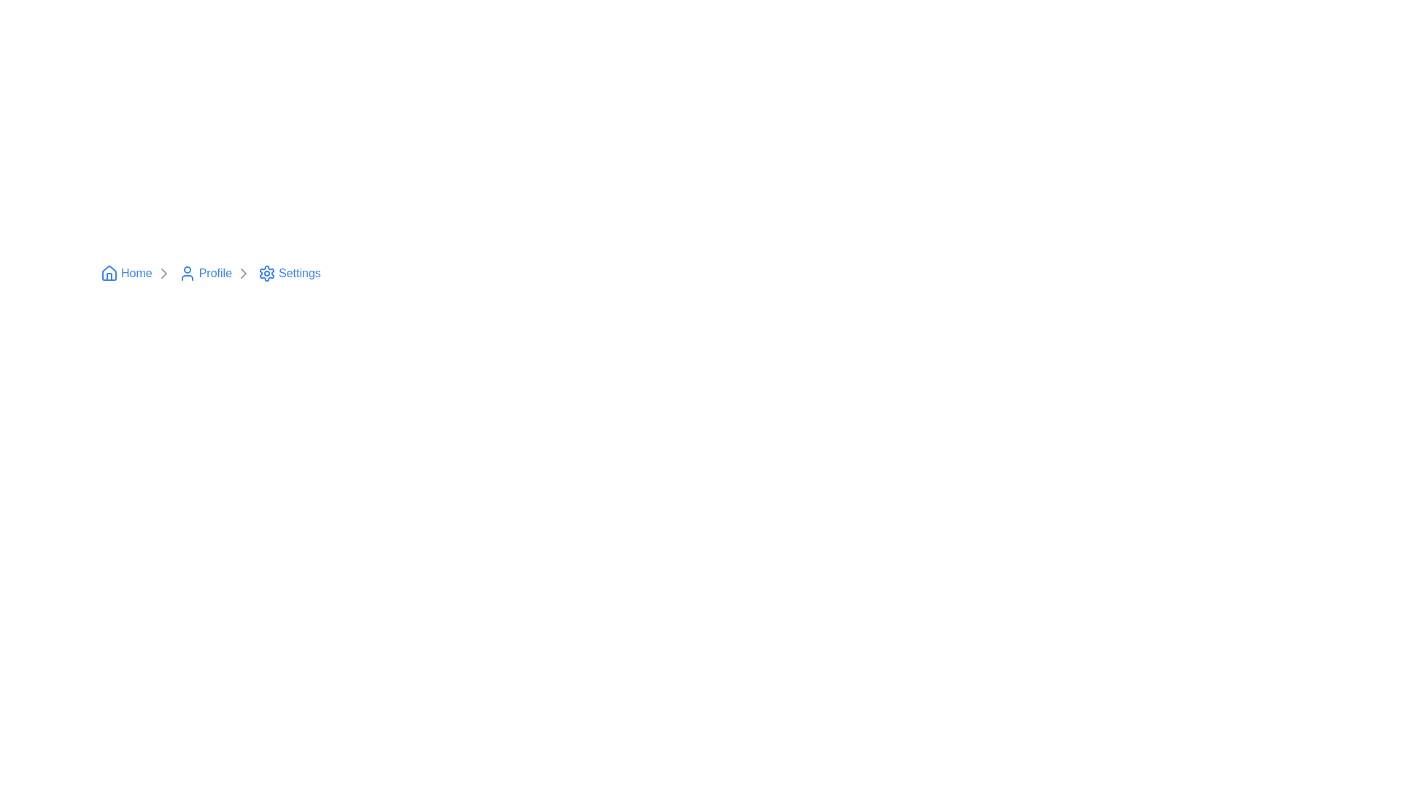  I want to click on the gear-like icon with a blue outline representing settings functionality, located to the left of the text 'Settings', so click(267, 273).